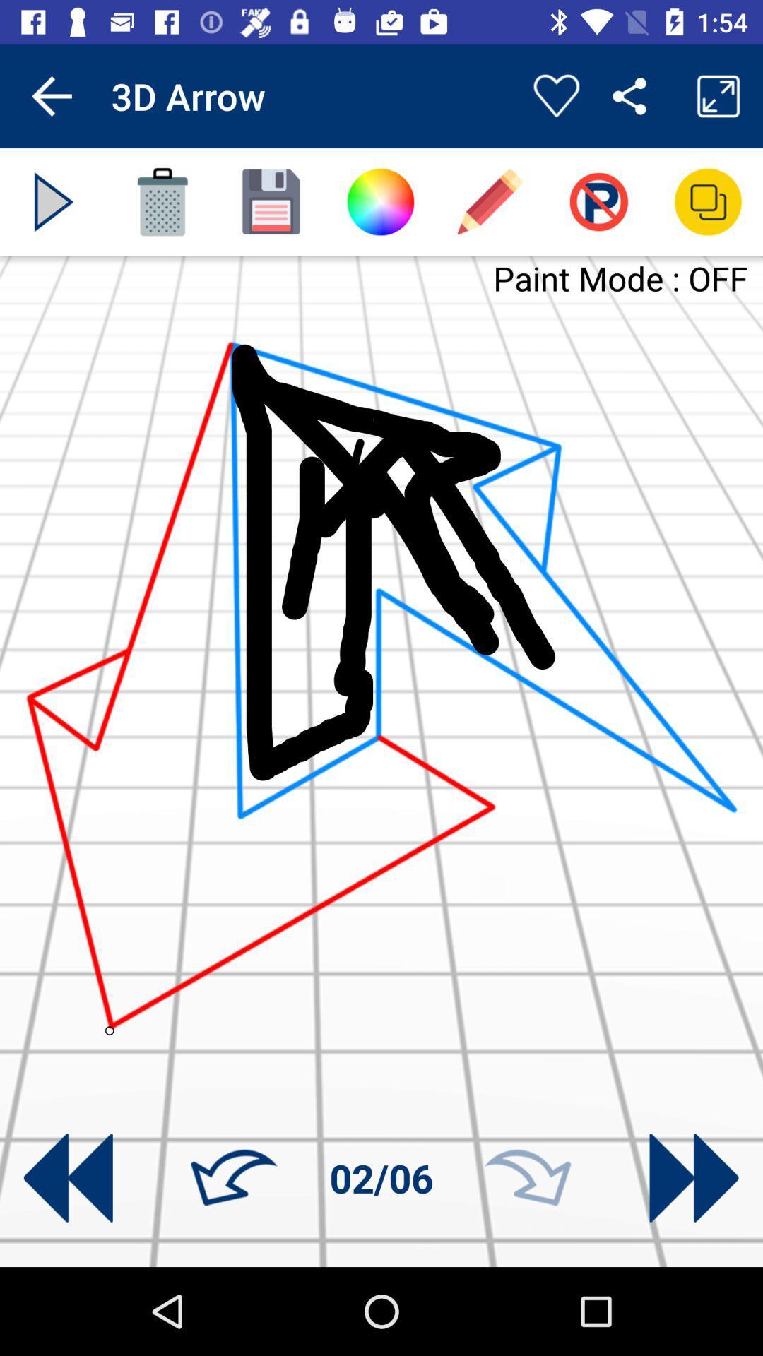 The width and height of the screenshot is (763, 1356). Describe the element at coordinates (555, 95) in the screenshot. I see `like drawing` at that location.